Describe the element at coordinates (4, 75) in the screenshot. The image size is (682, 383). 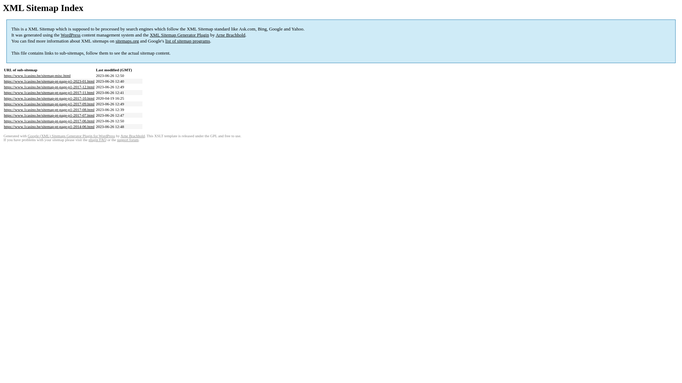
I see `'https://www.1casino.be/sitemap-misc.html'` at that location.